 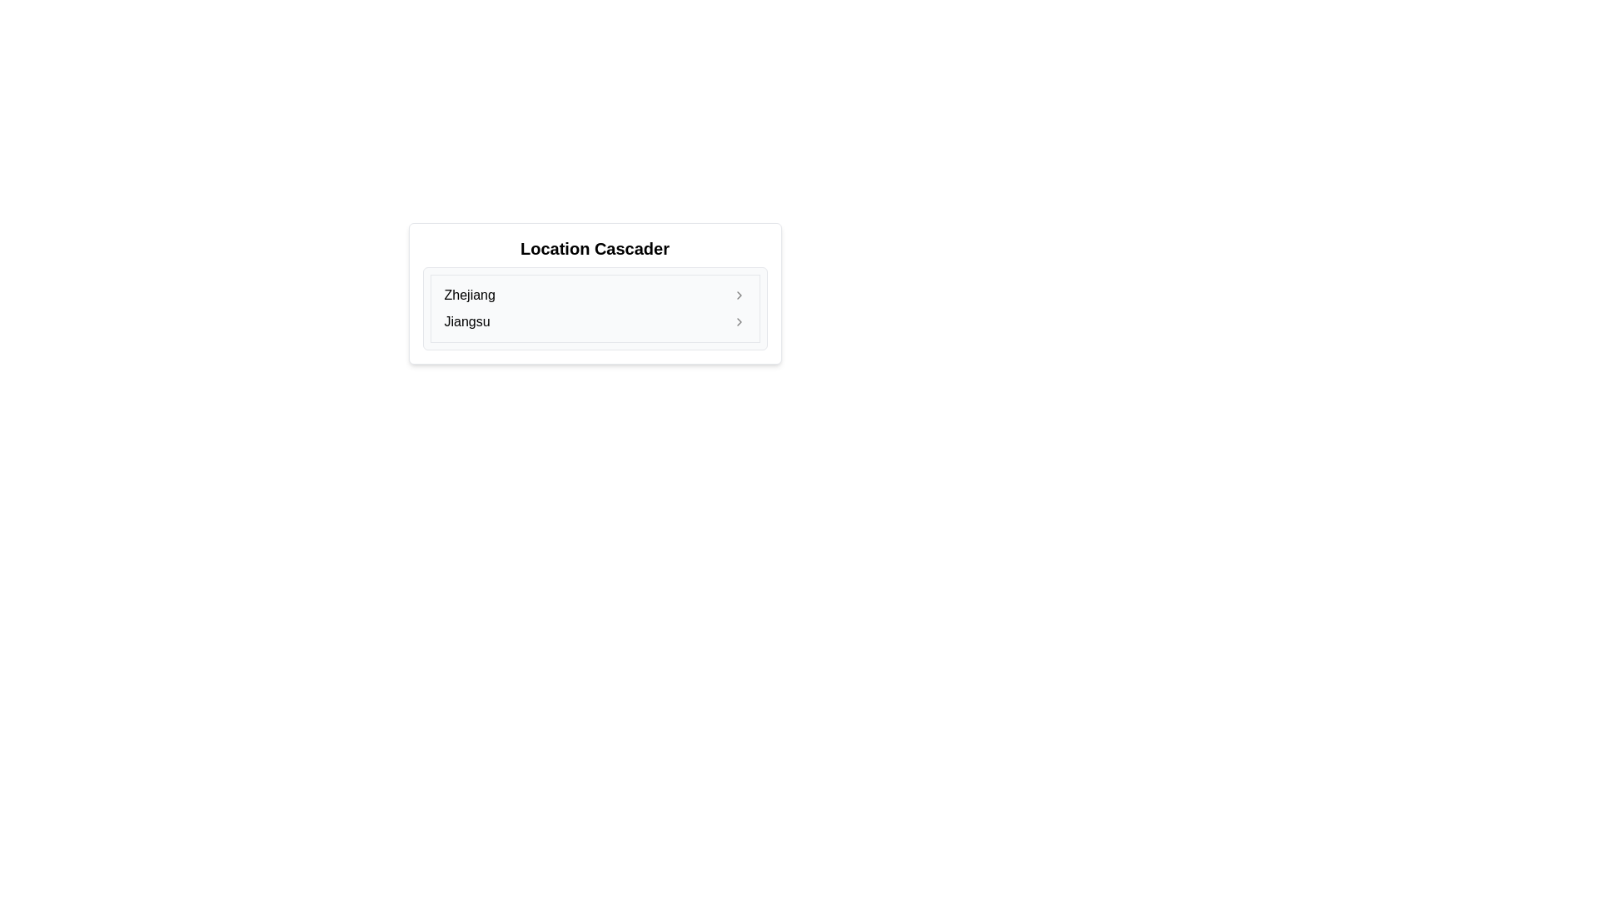 What do you see at coordinates (469, 294) in the screenshot?
I see `the text label displaying 'Zhejiang'` at bounding box center [469, 294].